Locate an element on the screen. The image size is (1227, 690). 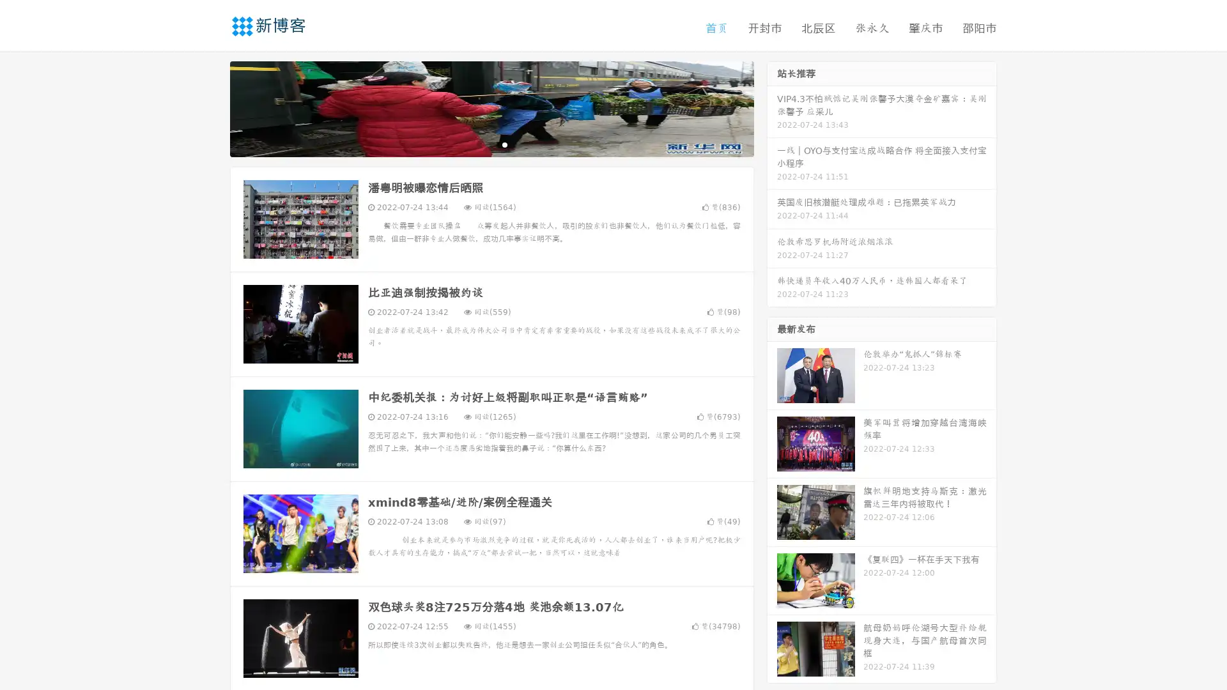
Next slide is located at coordinates (772, 107).